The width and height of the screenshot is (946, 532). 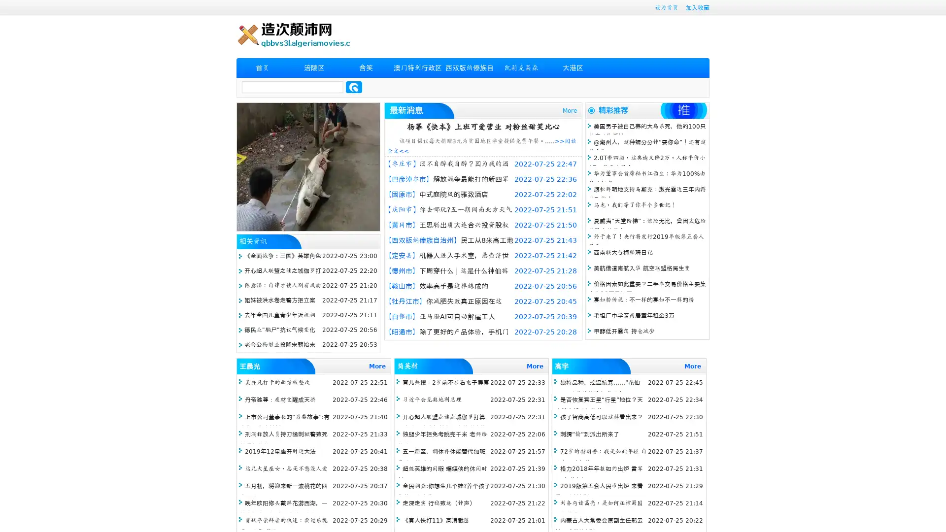 What do you see at coordinates (354, 87) in the screenshot?
I see `Search` at bounding box center [354, 87].